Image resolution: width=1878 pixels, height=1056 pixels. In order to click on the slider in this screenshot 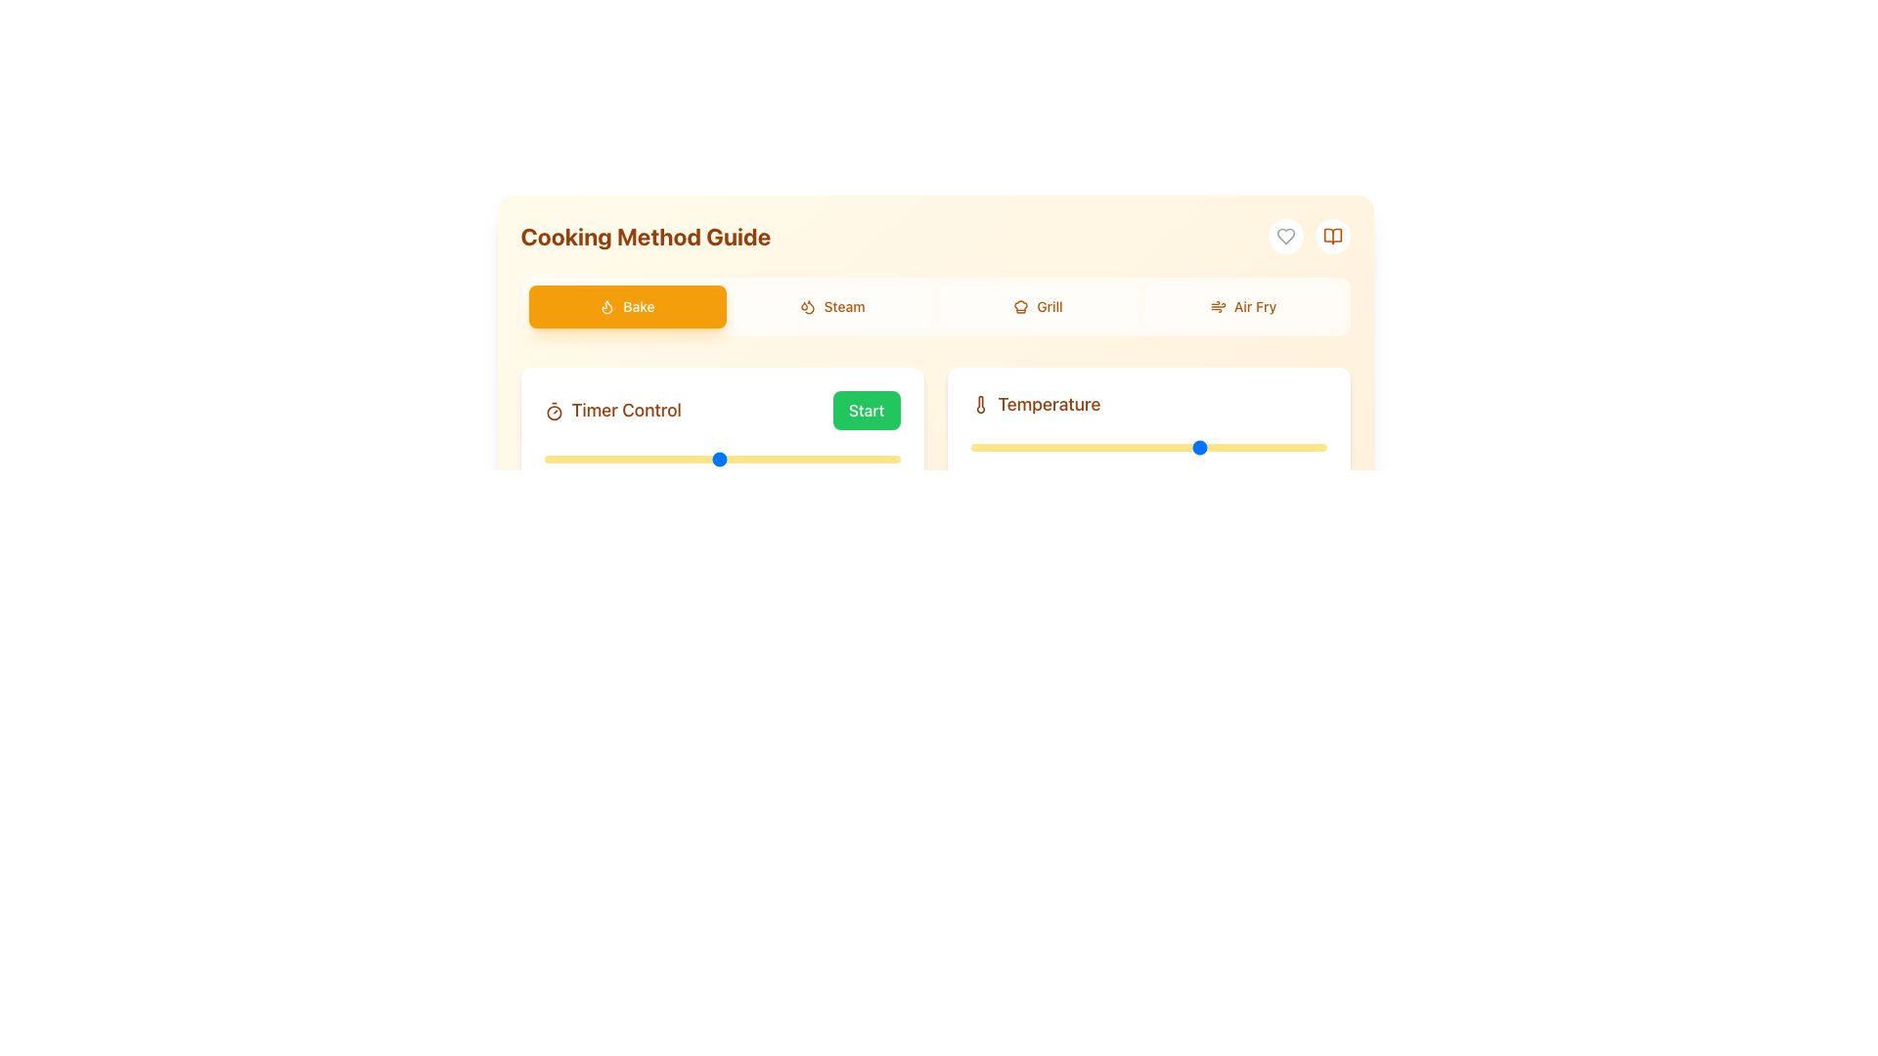, I will do `click(1274, 448)`.